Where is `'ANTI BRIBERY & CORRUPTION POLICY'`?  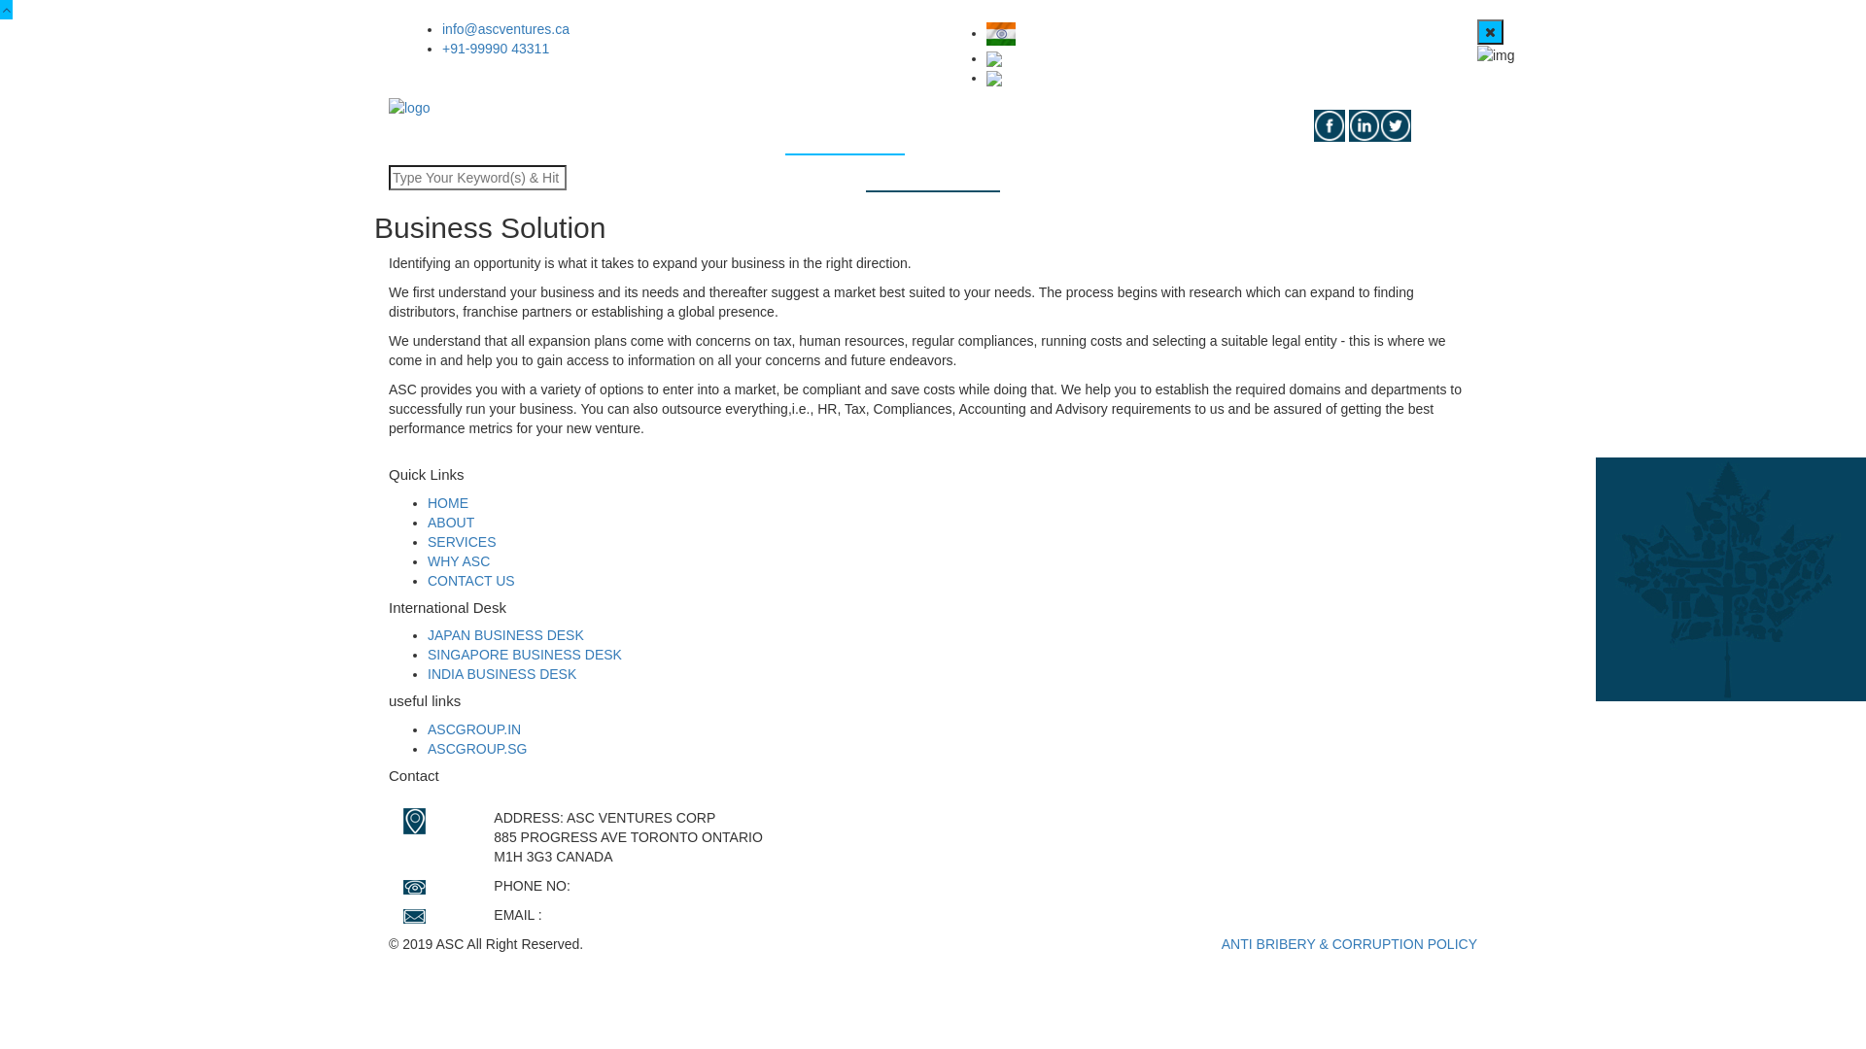
'ANTI BRIBERY & CORRUPTION POLICY' is located at coordinates (1348, 943).